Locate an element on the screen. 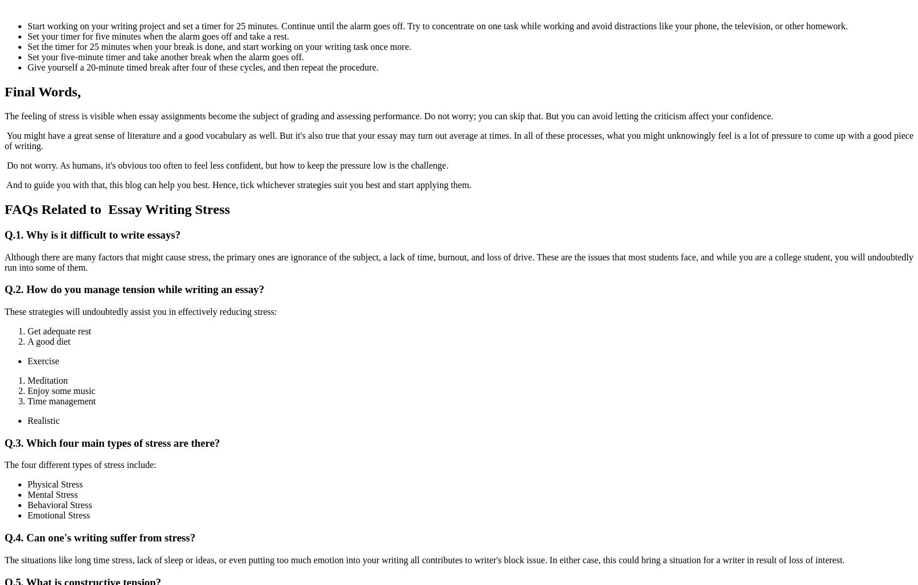  'Q.3. Which four main types of stress are there?' is located at coordinates (4, 442).